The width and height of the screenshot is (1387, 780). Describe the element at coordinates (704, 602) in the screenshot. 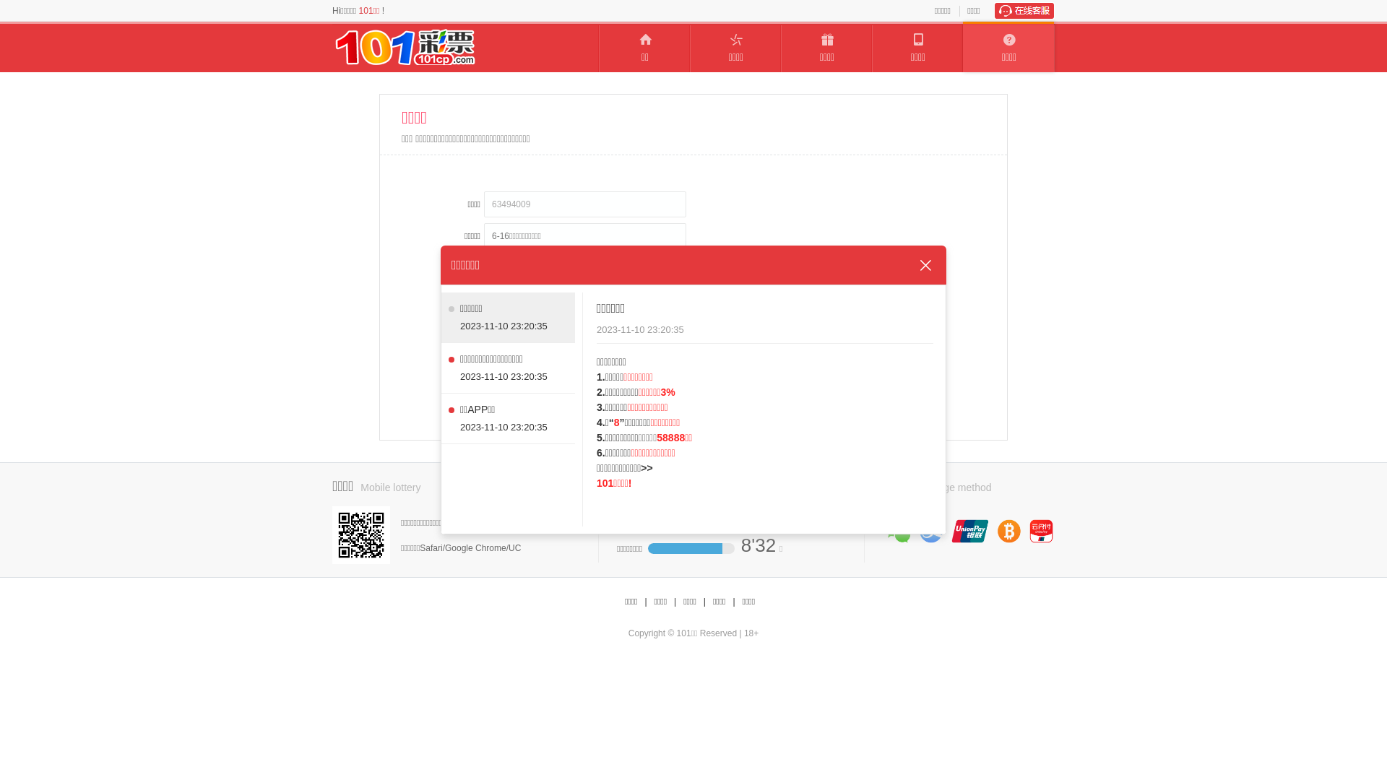

I see `'|'` at that location.